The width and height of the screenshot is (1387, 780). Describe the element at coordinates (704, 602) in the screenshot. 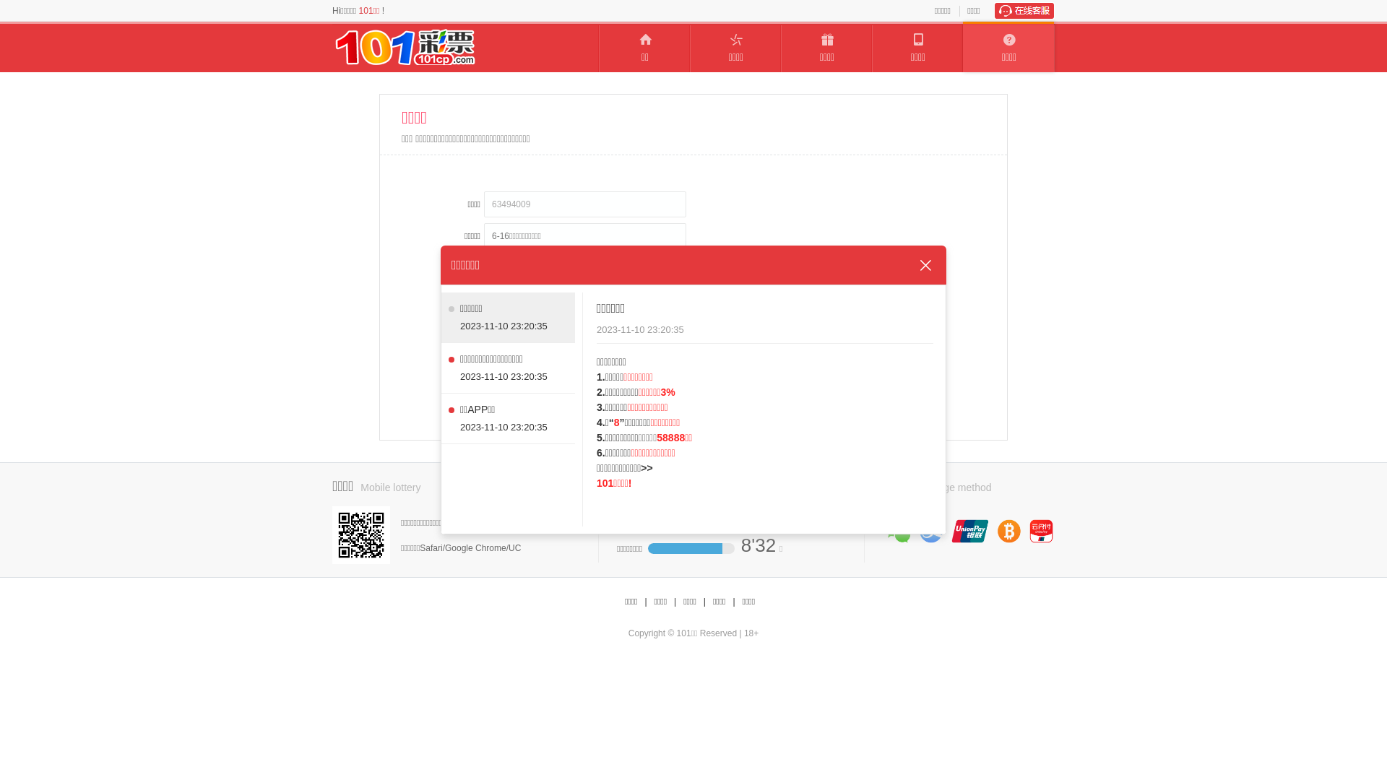

I see `'|'` at that location.